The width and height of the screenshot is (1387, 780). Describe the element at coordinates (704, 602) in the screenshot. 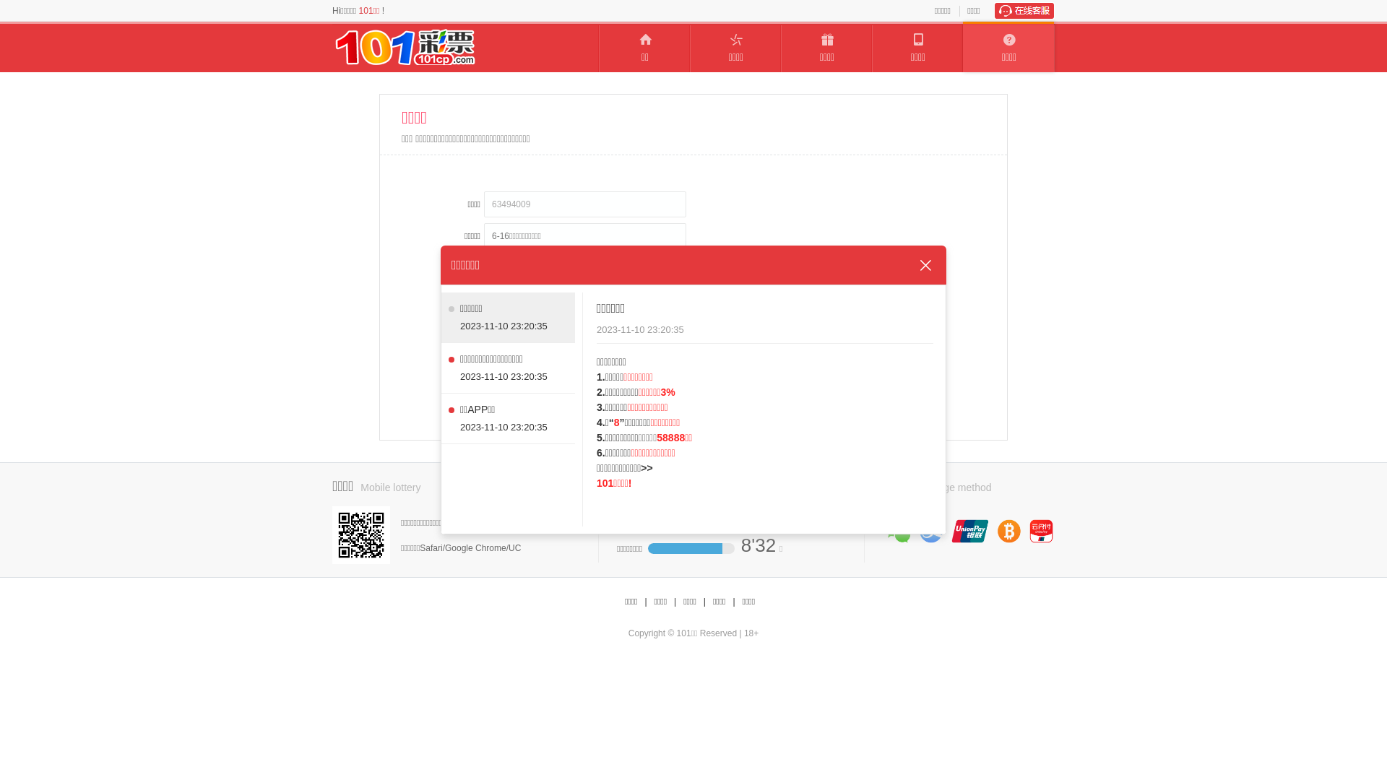

I see `'|'` at that location.